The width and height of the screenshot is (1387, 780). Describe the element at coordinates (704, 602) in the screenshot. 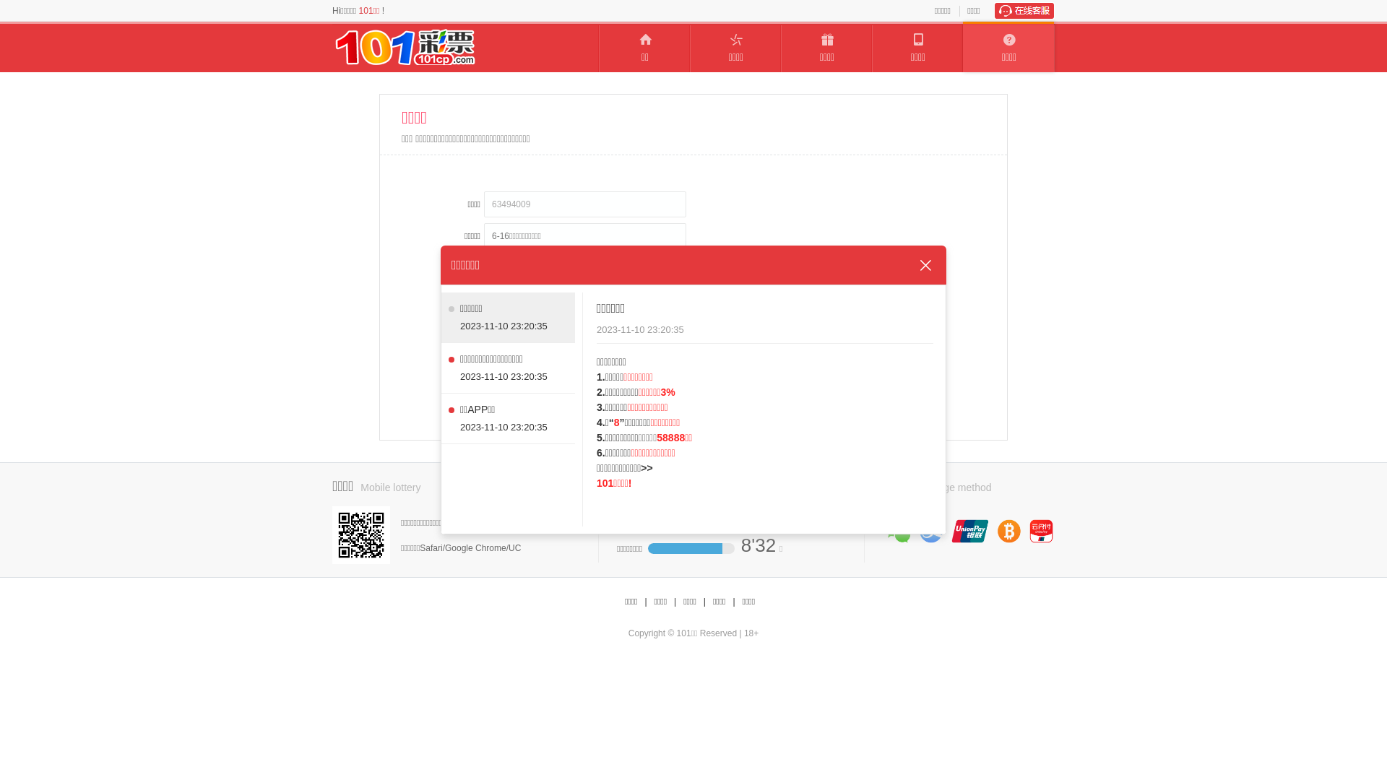

I see `'|'` at that location.